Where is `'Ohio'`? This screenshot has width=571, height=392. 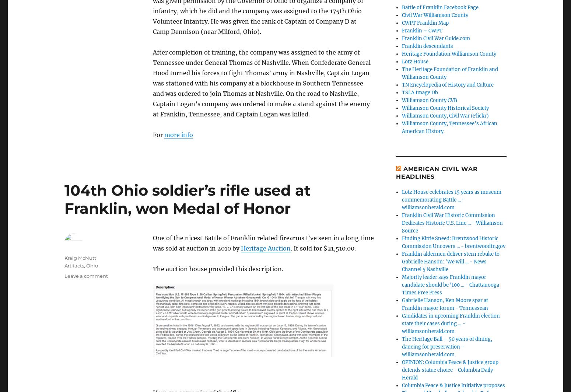 'Ohio' is located at coordinates (92, 265).